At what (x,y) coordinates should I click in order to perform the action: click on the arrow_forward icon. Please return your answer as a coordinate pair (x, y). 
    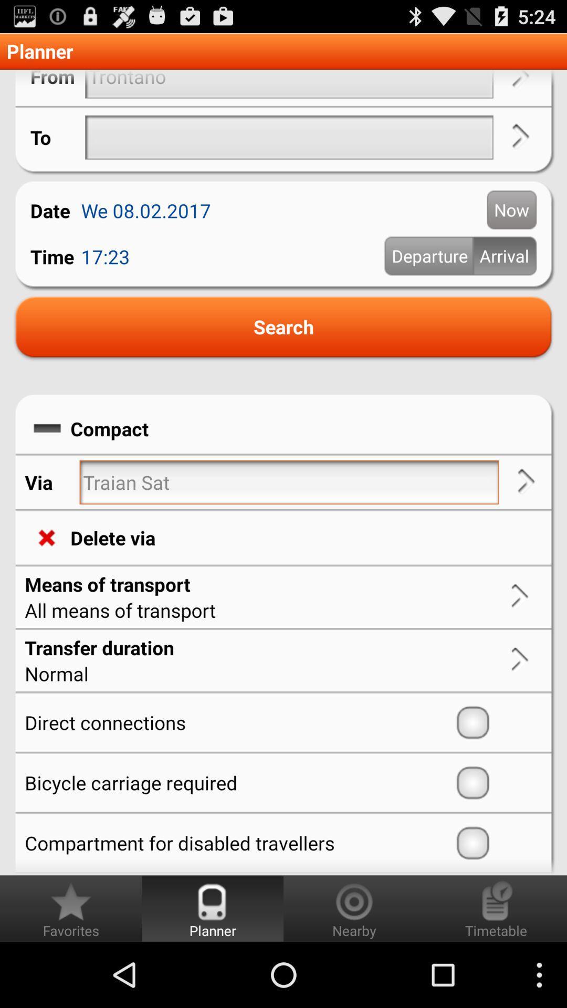
    Looking at the image, I should click on (521, 516).